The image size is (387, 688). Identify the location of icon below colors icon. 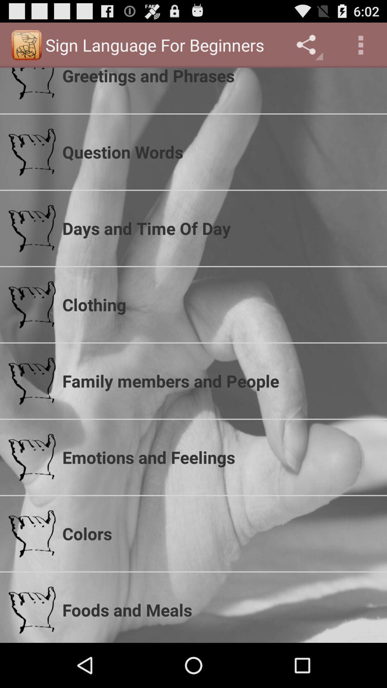
(220, 610).